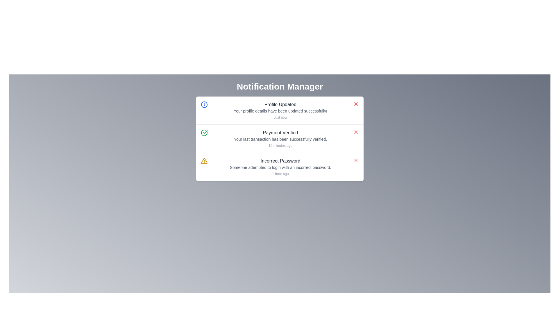  What do you see at coordinates (355, 104) in the screenshot?
I see `the close/delete icon button located in the upper-right corner of the 'Profile Updated' notification card` at bounding box center [355, 104].